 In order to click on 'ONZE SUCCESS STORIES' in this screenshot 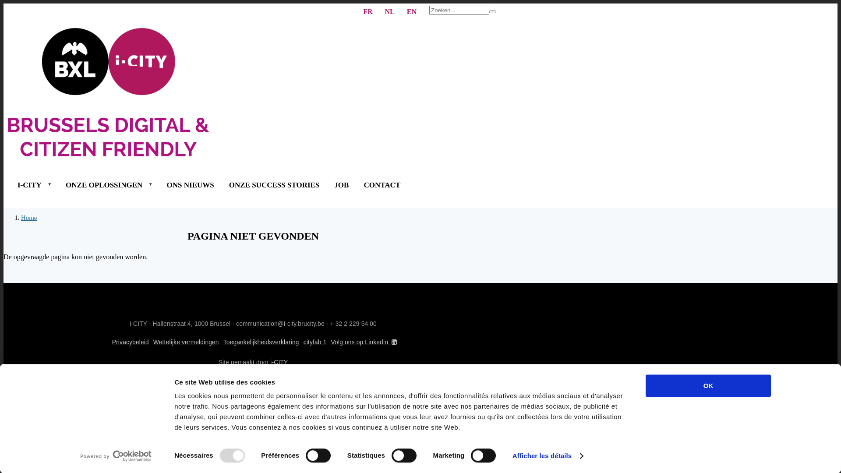, I will do `click(274, 184)`.